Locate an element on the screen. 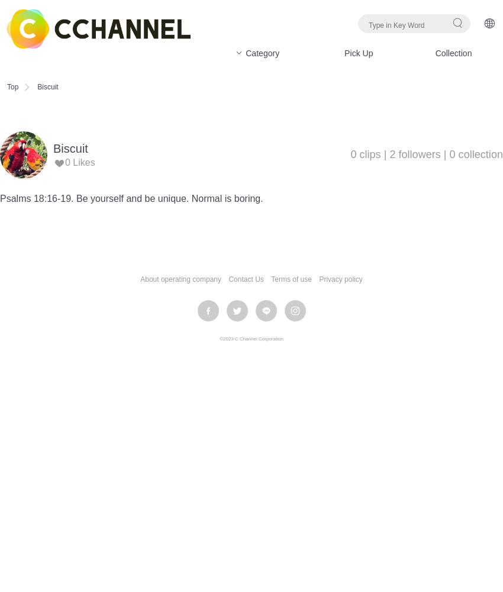 This screenshot has height=592, width=503. 'Psalms 18:16-19.         Be yourself and be unique. Normal is boring.' is located at coordinates (131, 198).